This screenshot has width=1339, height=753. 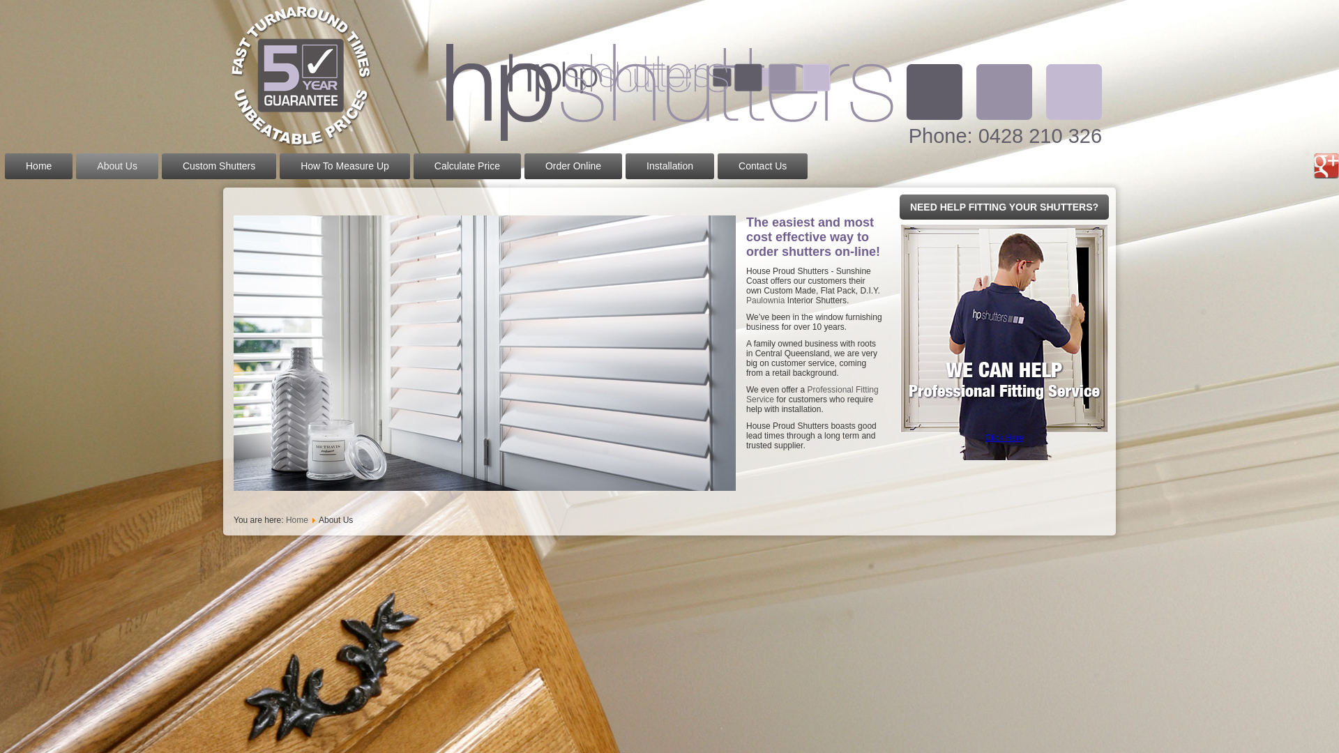 What do you see at coordinates (223, 7) in the screenshot?
I see `'House Proud Shutters'` at bounding box center [223, 7].